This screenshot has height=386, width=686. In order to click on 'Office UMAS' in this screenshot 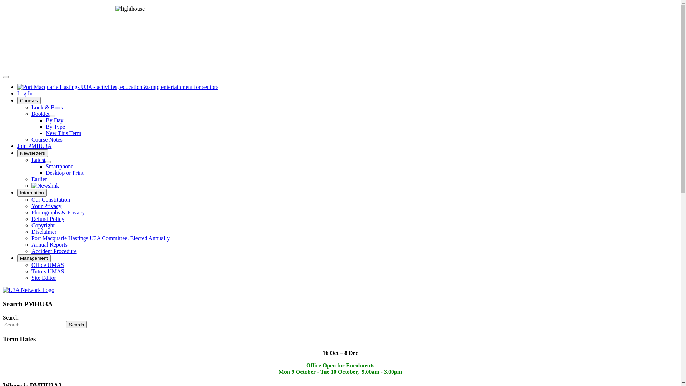, I will do `click(47, 265)`.